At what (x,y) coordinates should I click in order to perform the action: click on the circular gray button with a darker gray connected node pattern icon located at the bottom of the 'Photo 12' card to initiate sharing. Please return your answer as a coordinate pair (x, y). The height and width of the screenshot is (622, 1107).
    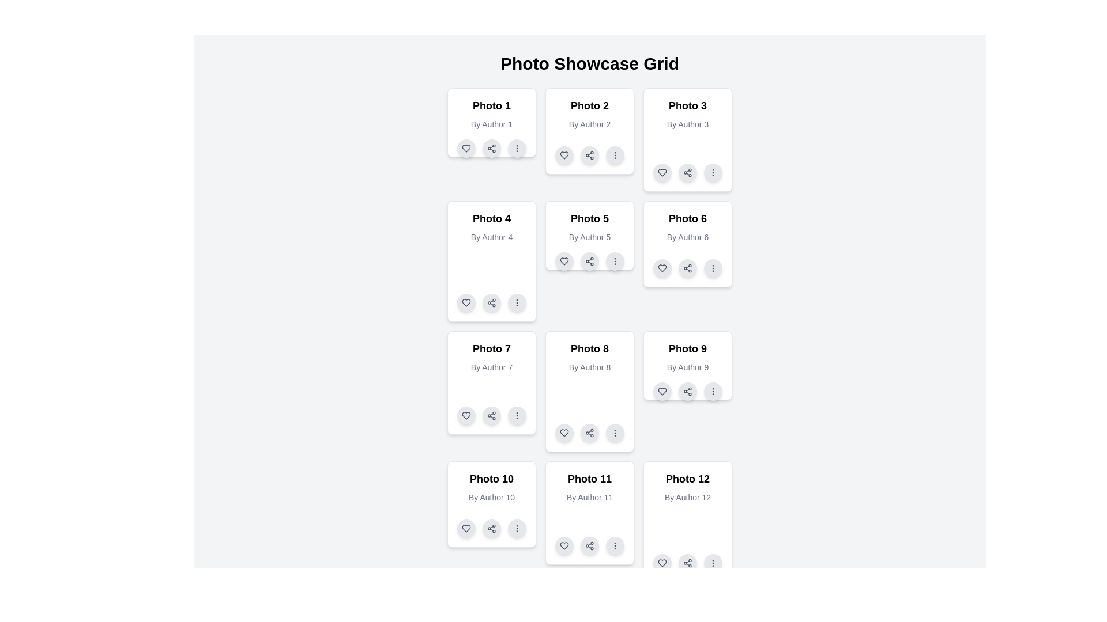
    Looking at the image, I should click on (688, 563).